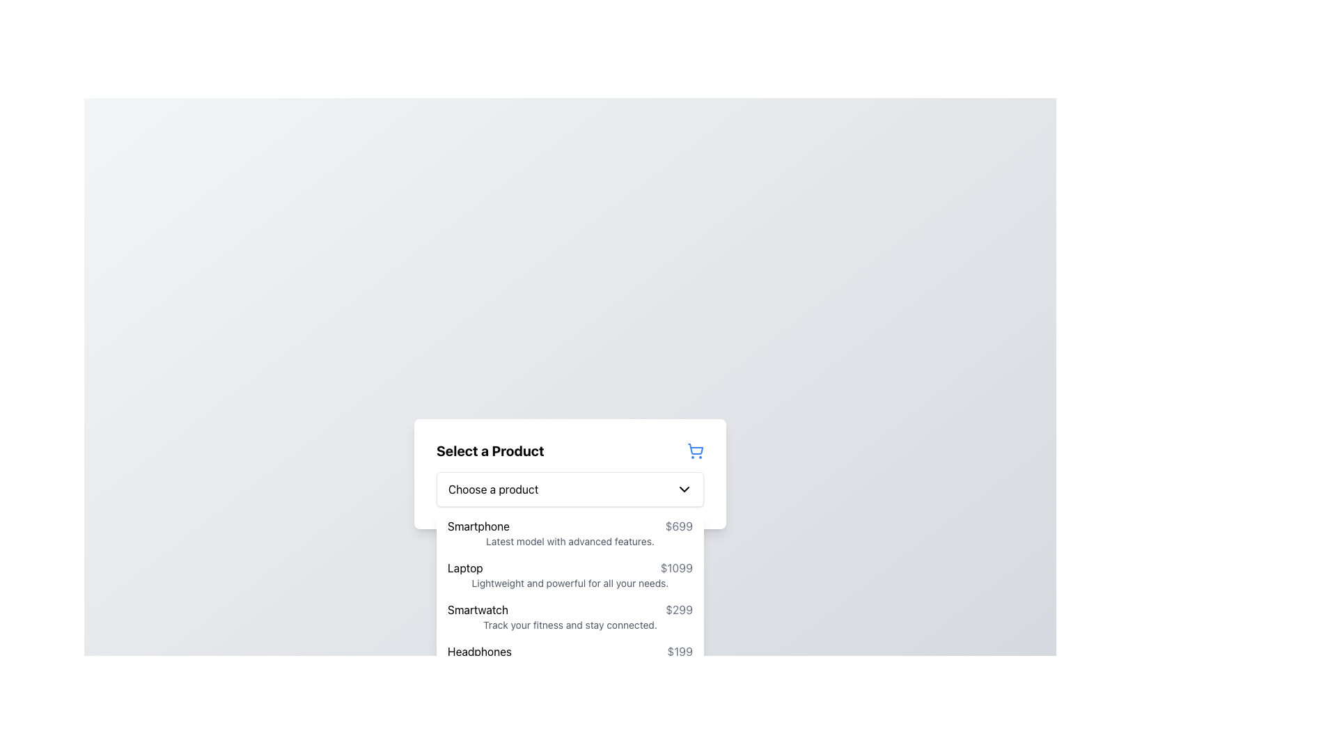  What do you see at coordinates (570, 616) in the screenshot?
I see `the list item displaying 'Smartwatch' with the price '$299'` at bounding box center [570, 616].